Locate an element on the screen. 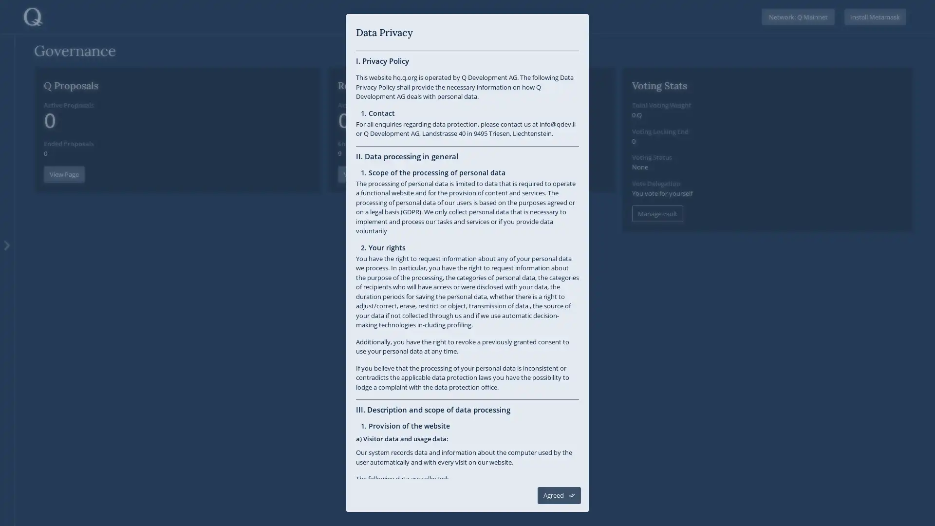  Manage vault is located at coordinates (657, 213).